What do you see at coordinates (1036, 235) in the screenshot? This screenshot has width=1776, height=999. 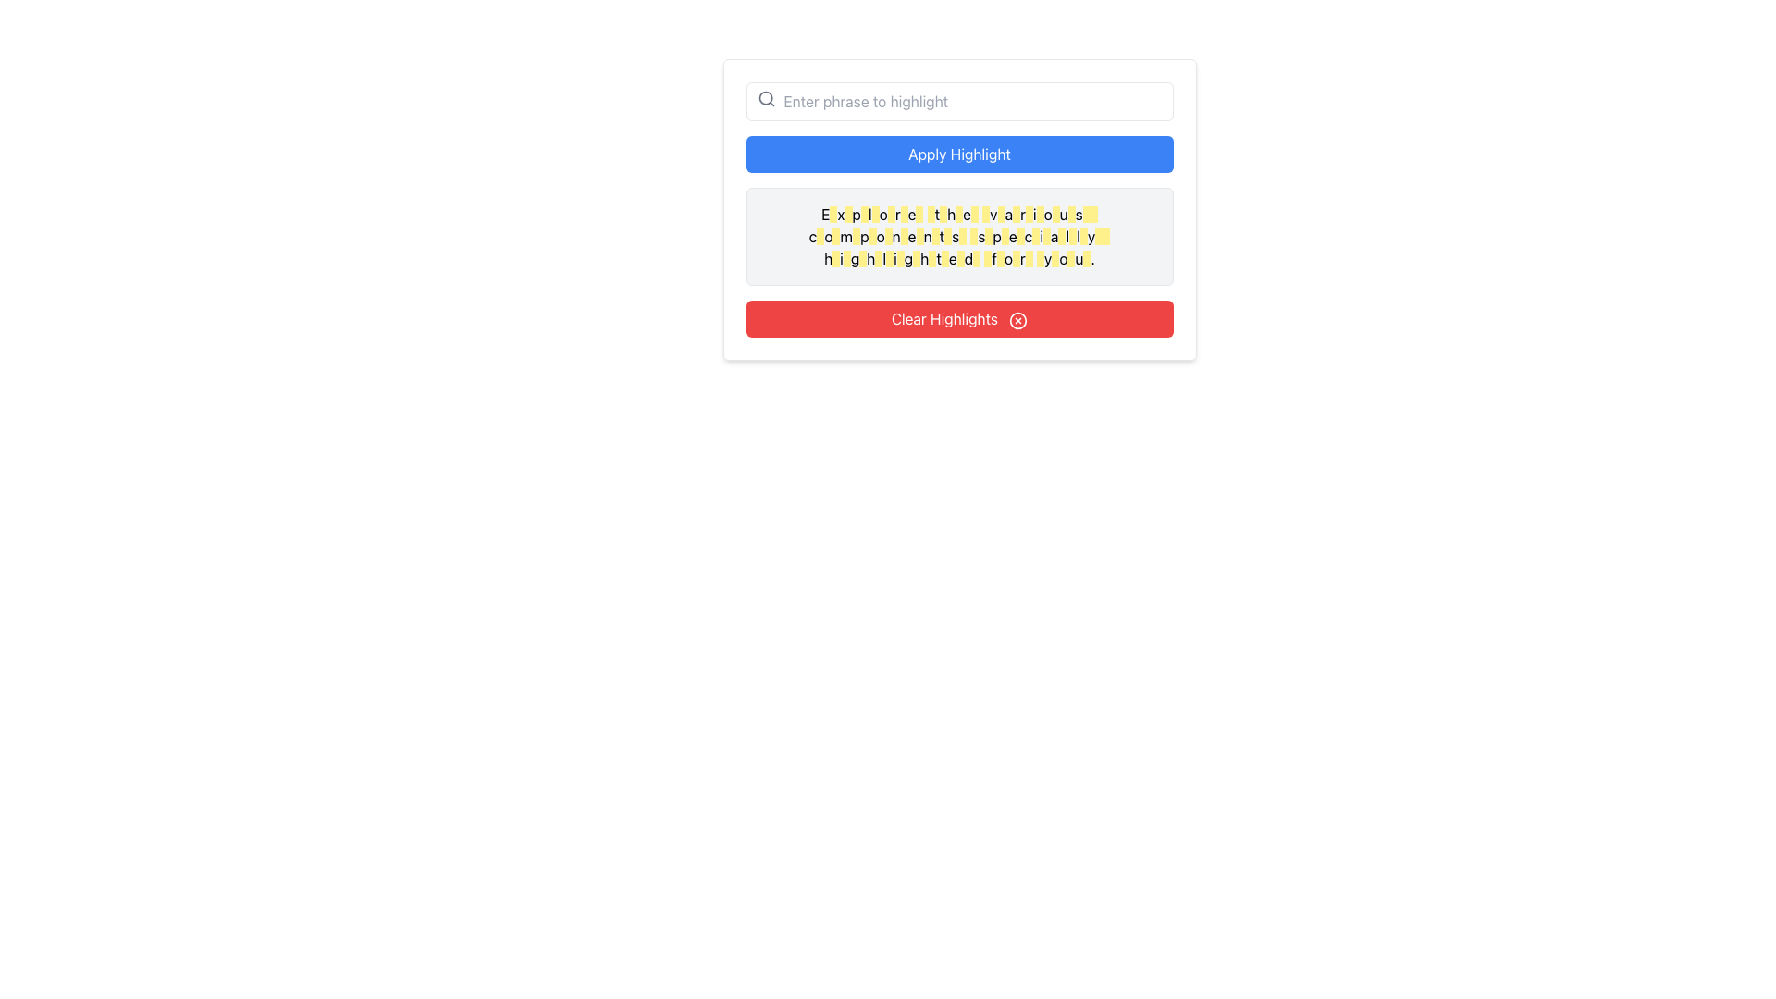 I see `the sixteenth highlighted segment of text within the phrase 'Explore the various components specially highlighted for you.'` at bounding box center [1036, 235].